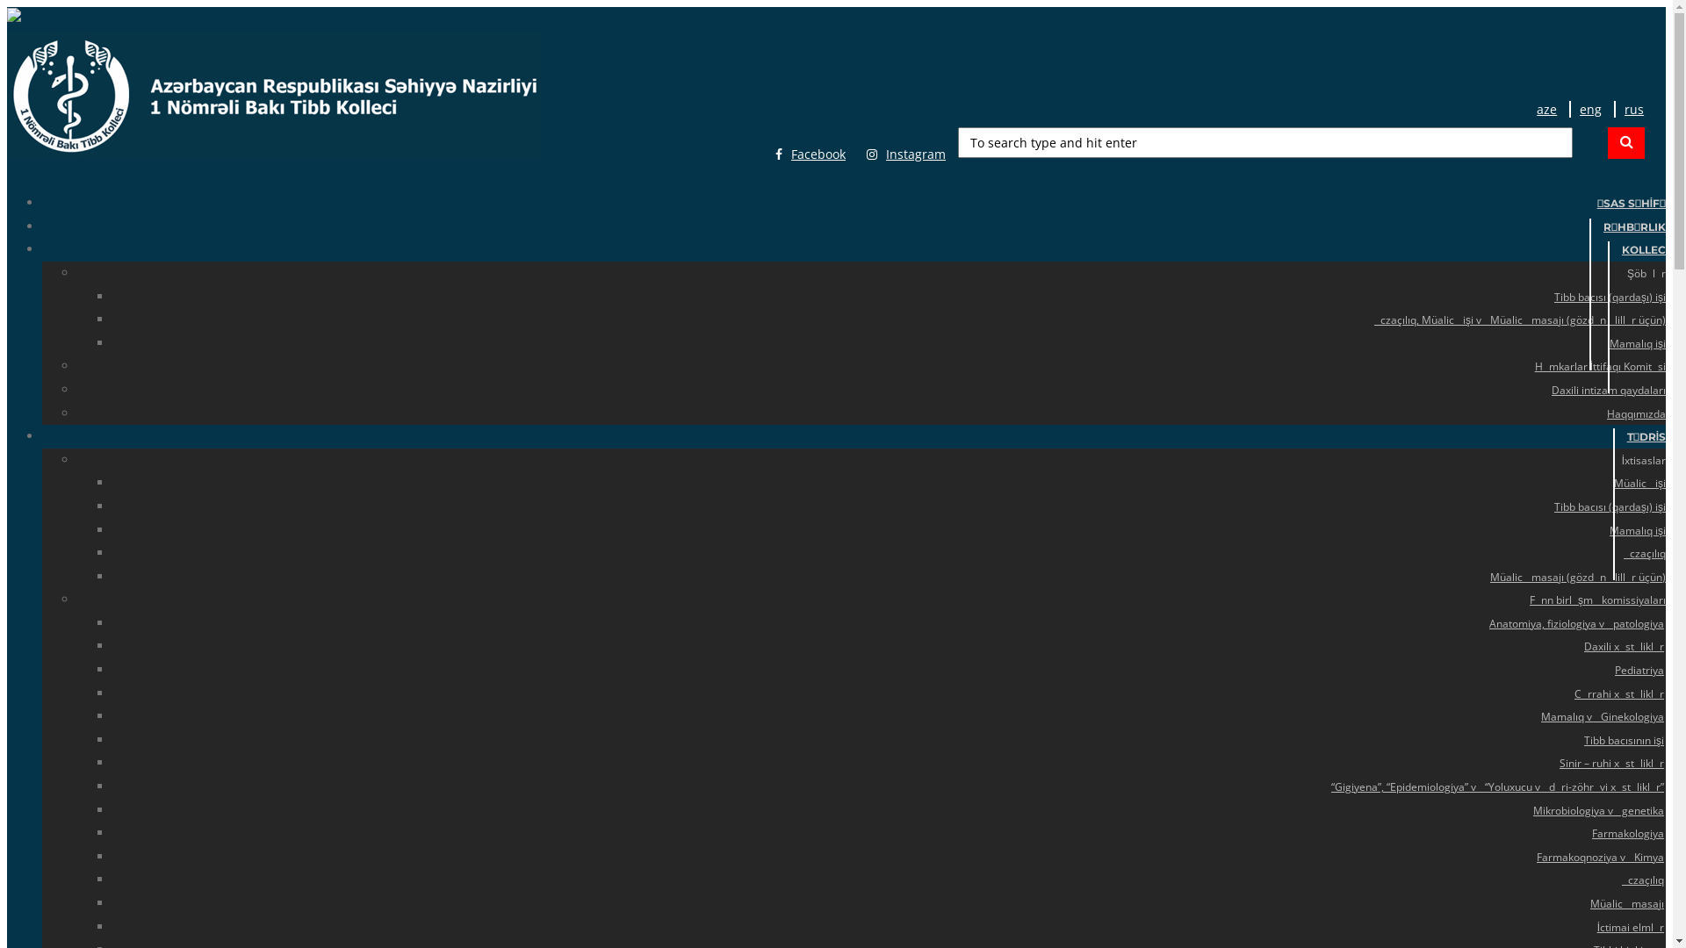  I want to click on 'Pediatriya', so click(1639, 670).